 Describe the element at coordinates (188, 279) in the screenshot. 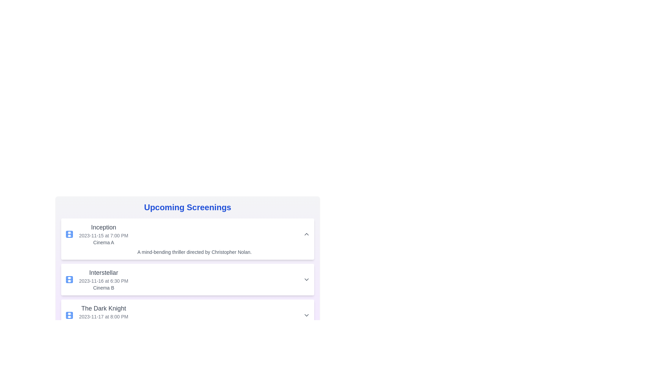

I see `the chevron on the second Information Card in the list of movie screenings` at that location.